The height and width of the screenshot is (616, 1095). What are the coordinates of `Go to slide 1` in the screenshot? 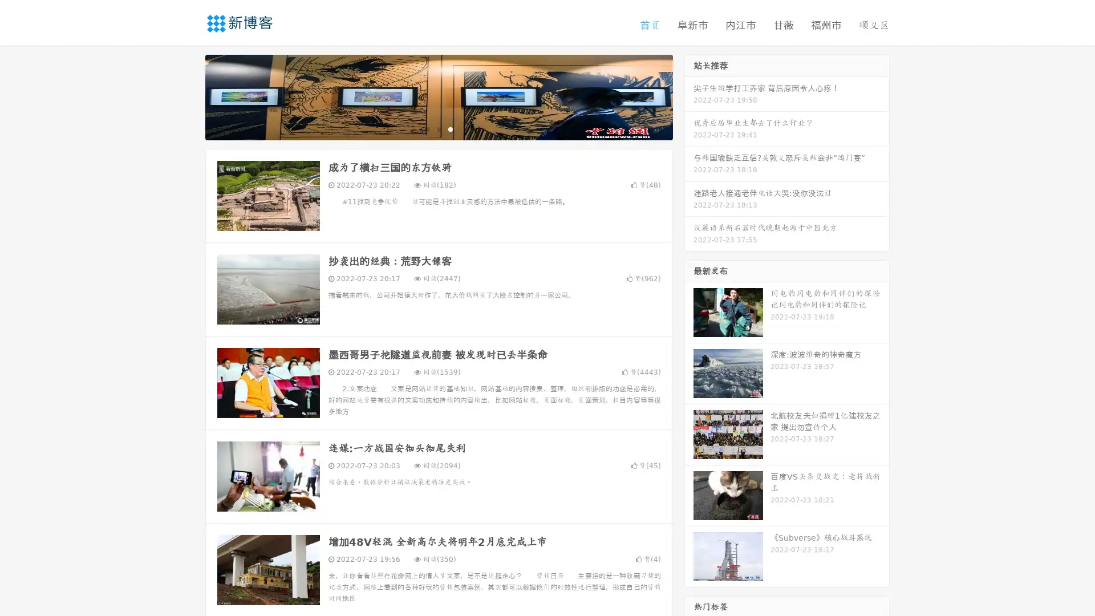 It's located at (427, 128).